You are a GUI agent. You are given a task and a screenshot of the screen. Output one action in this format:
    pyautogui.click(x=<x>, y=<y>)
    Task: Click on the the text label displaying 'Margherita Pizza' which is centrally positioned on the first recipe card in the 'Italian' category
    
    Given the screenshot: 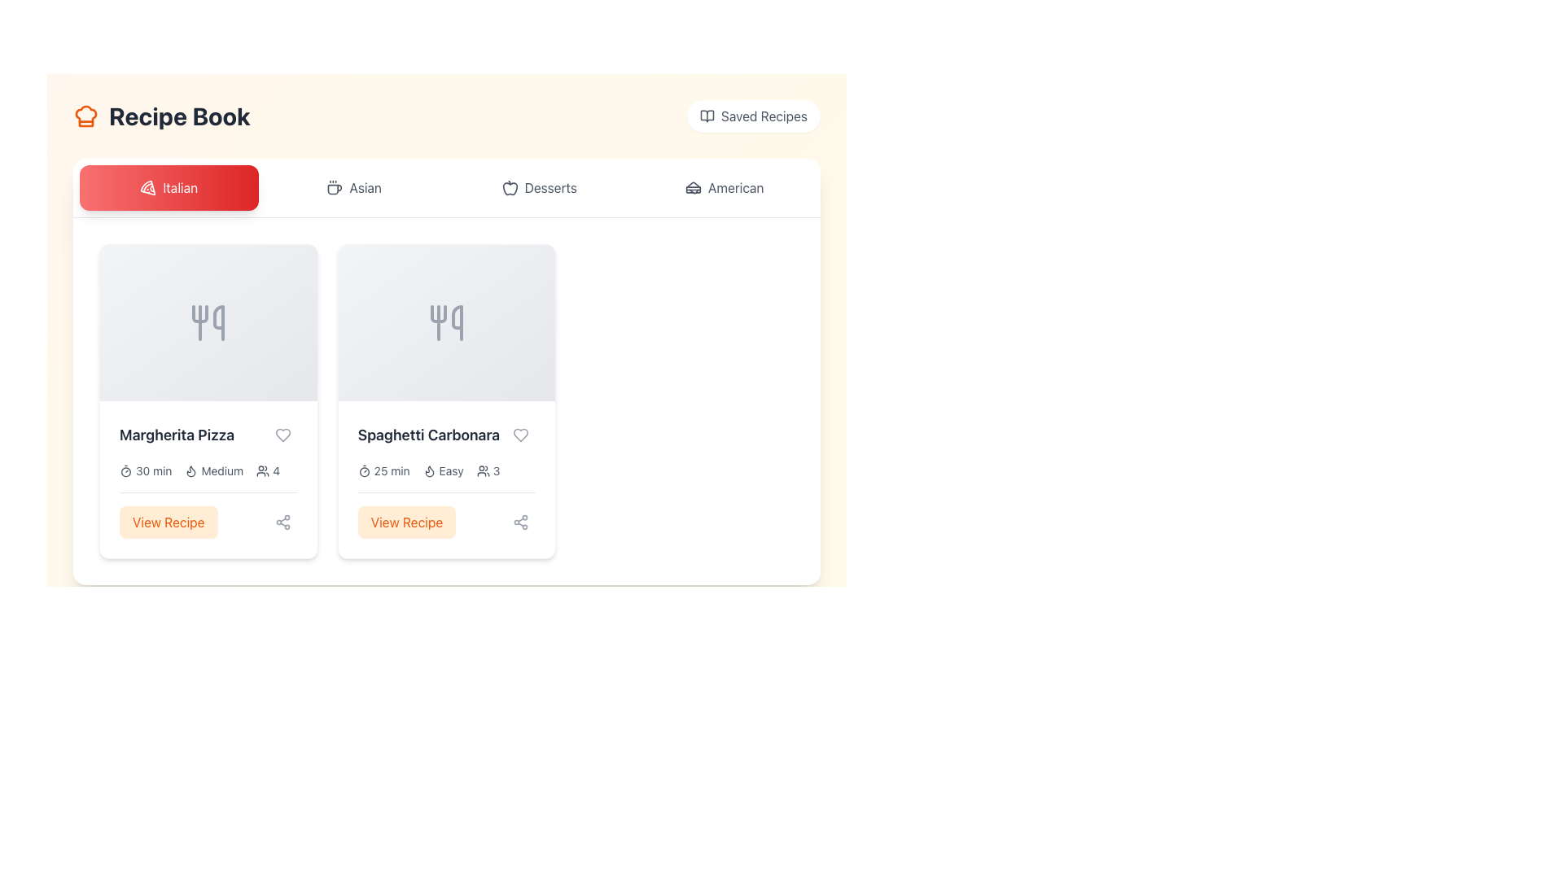 What is the action you would take?
    pyautogui.click(x=208, y=435)
    